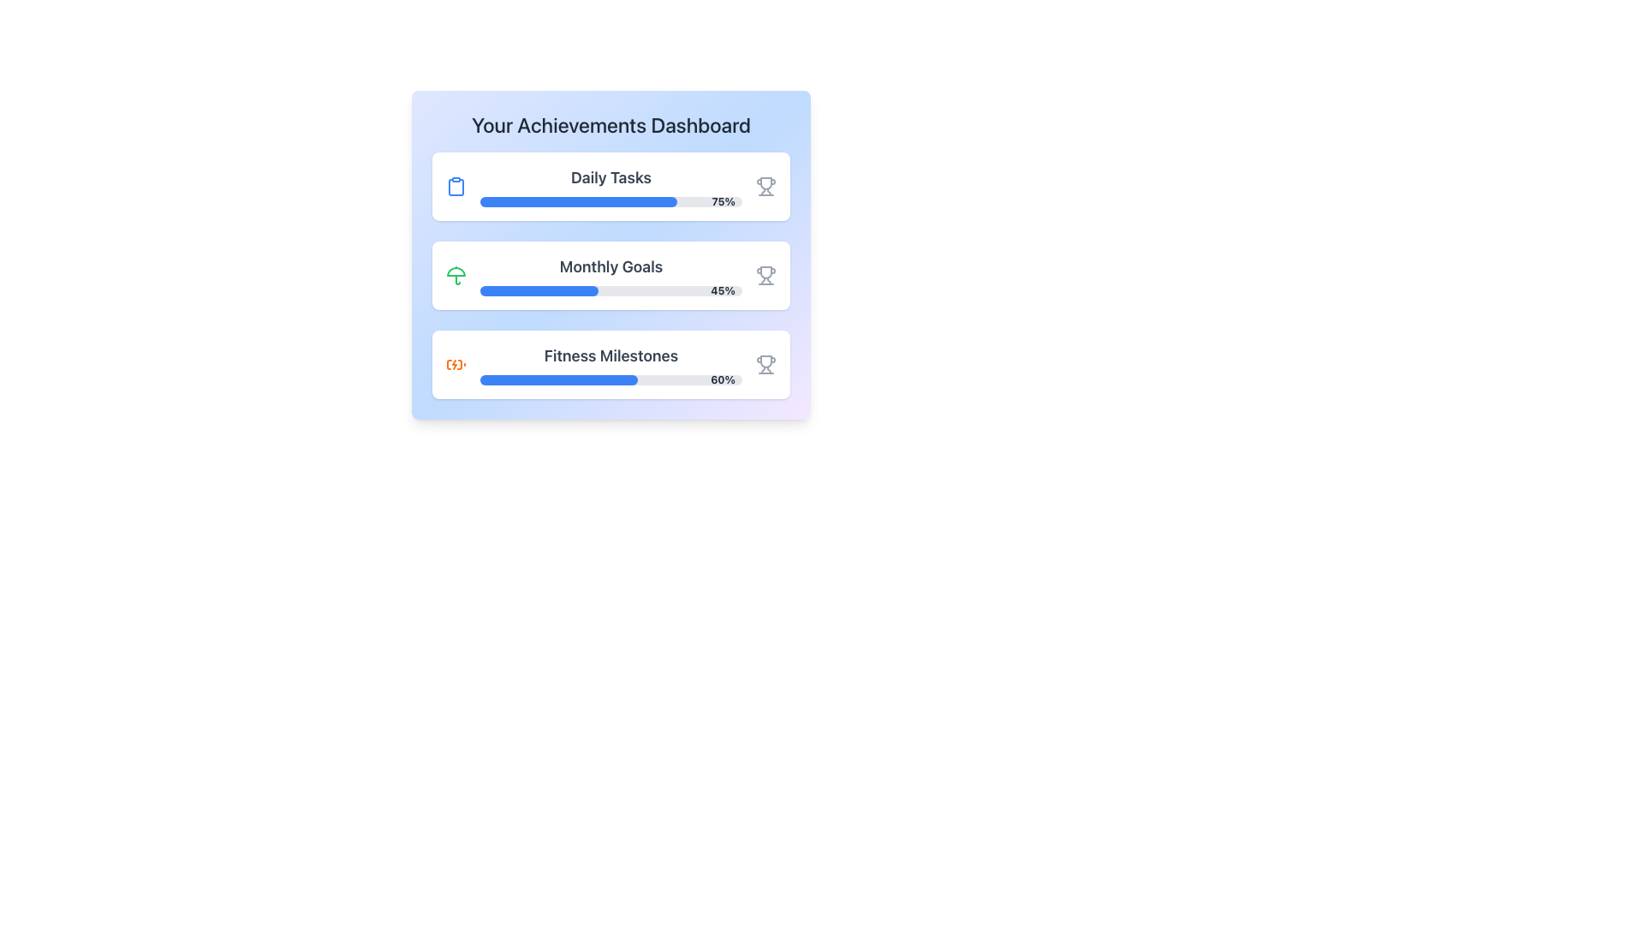 The image size is (1644, 925). I want to click on the Progress Card, which features the heading 'Fitness Milestones', a 60% progress bar, an orange icon on the left, and a gray trophy icon on the right, located centrally in the 'Your Achievements Dashboard', so click(611, 363).